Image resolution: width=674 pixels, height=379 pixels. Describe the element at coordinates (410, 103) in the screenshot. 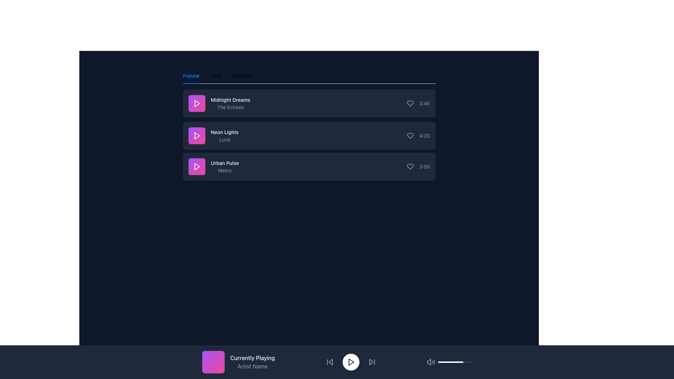

I see `the heart-shaped icon located beside the 'Midnight Dreams' song title` at that location.